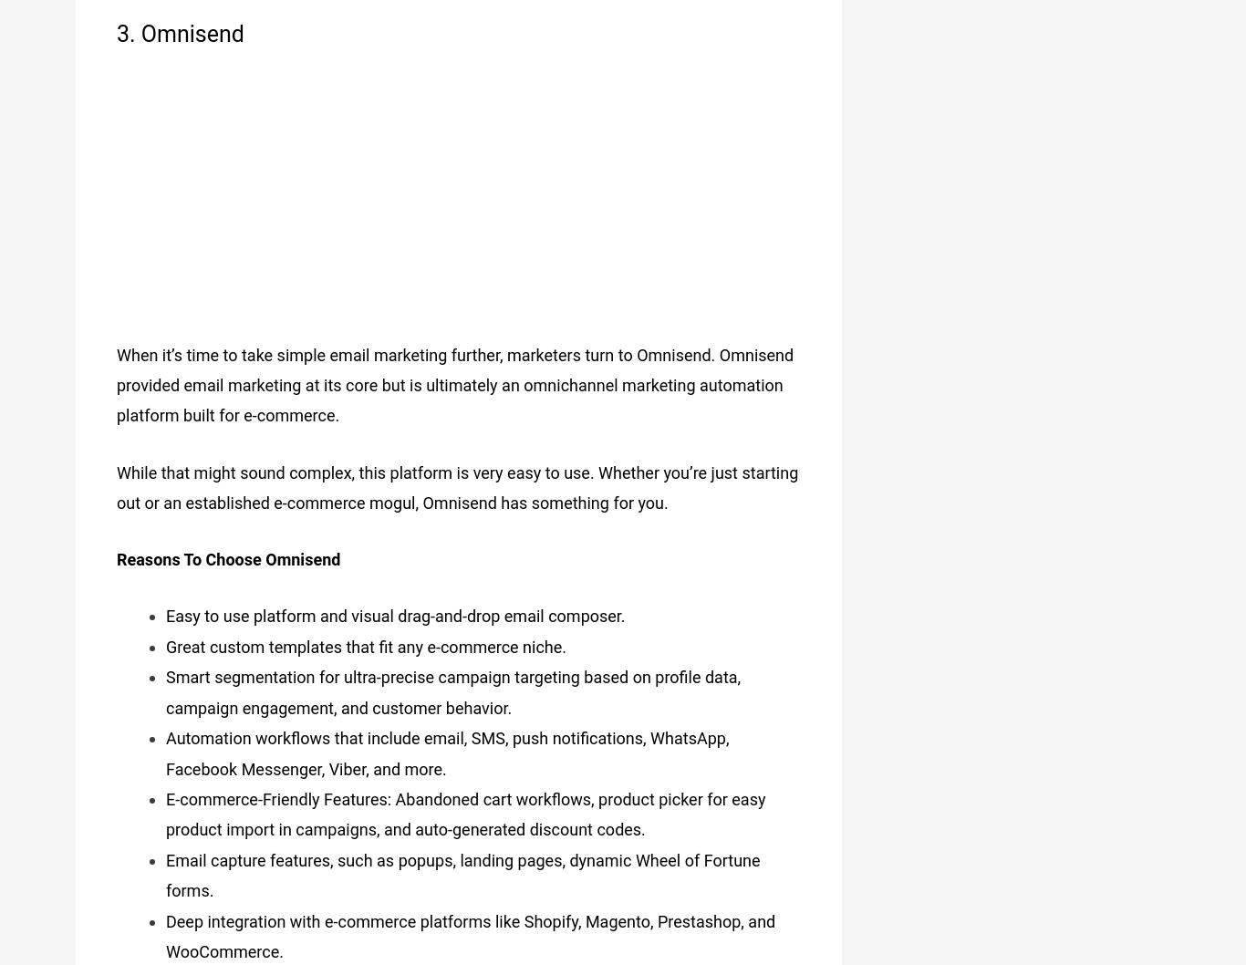 The image size is (1246, 965). I want to click on 'Smart segmentation for ultra-precise campaign targeting based on profile data, campaign engagement, and customer behavior.', so click(452, 686).